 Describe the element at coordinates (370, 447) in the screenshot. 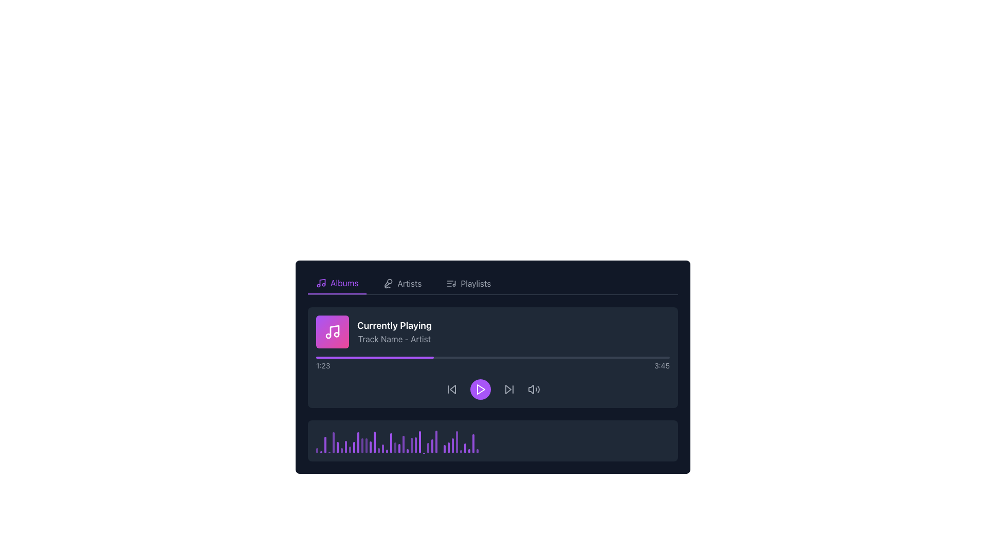

I see `the thin purple vertical bar with rounded edges located in the middle of the second row from the bottom of the chart` at that location.